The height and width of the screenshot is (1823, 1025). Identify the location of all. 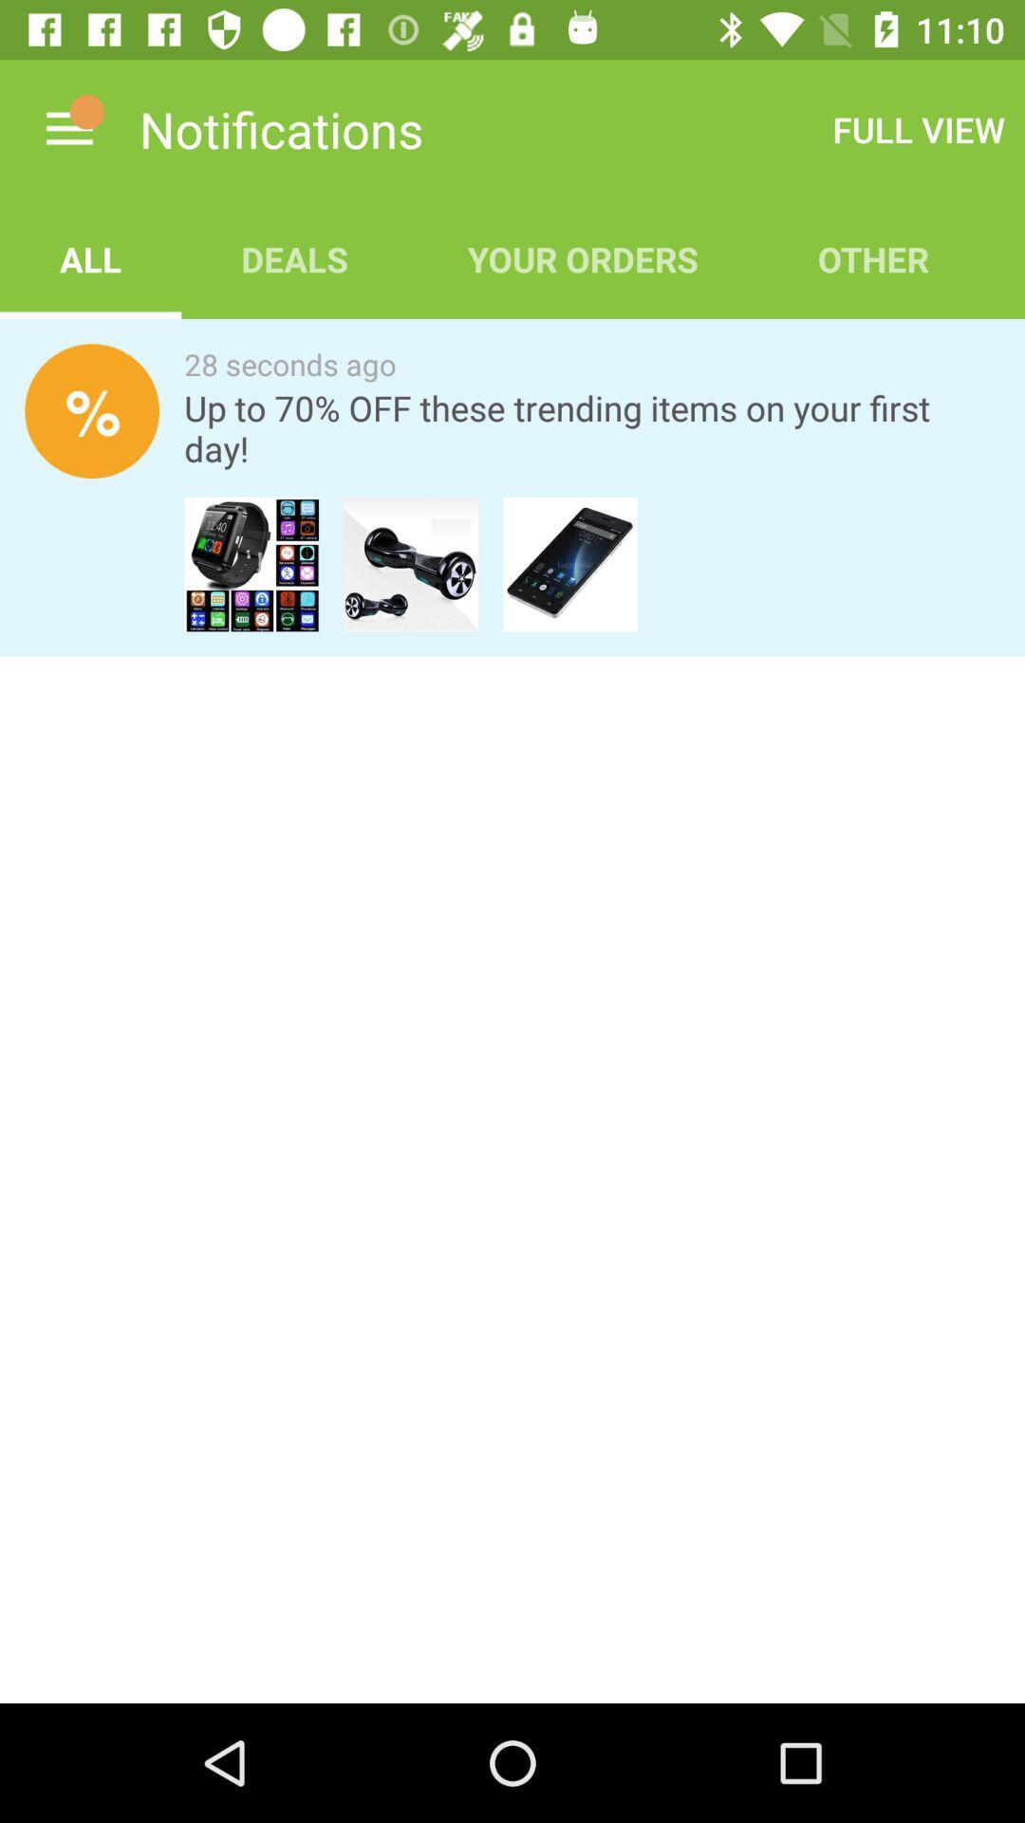
(90, 258).